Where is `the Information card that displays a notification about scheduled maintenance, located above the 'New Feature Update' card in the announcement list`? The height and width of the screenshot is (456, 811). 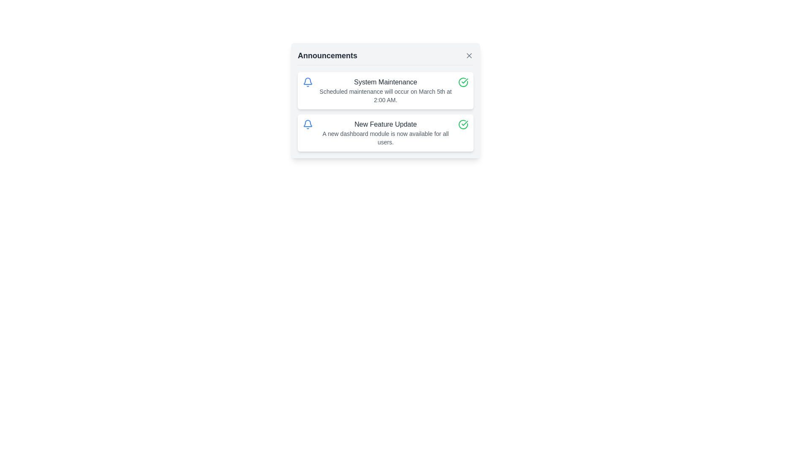 the Information card that displays a notification about scheduled maintenance, located above the 'New Feature Update' card in the announcement list is located at coordinates (385, 91).